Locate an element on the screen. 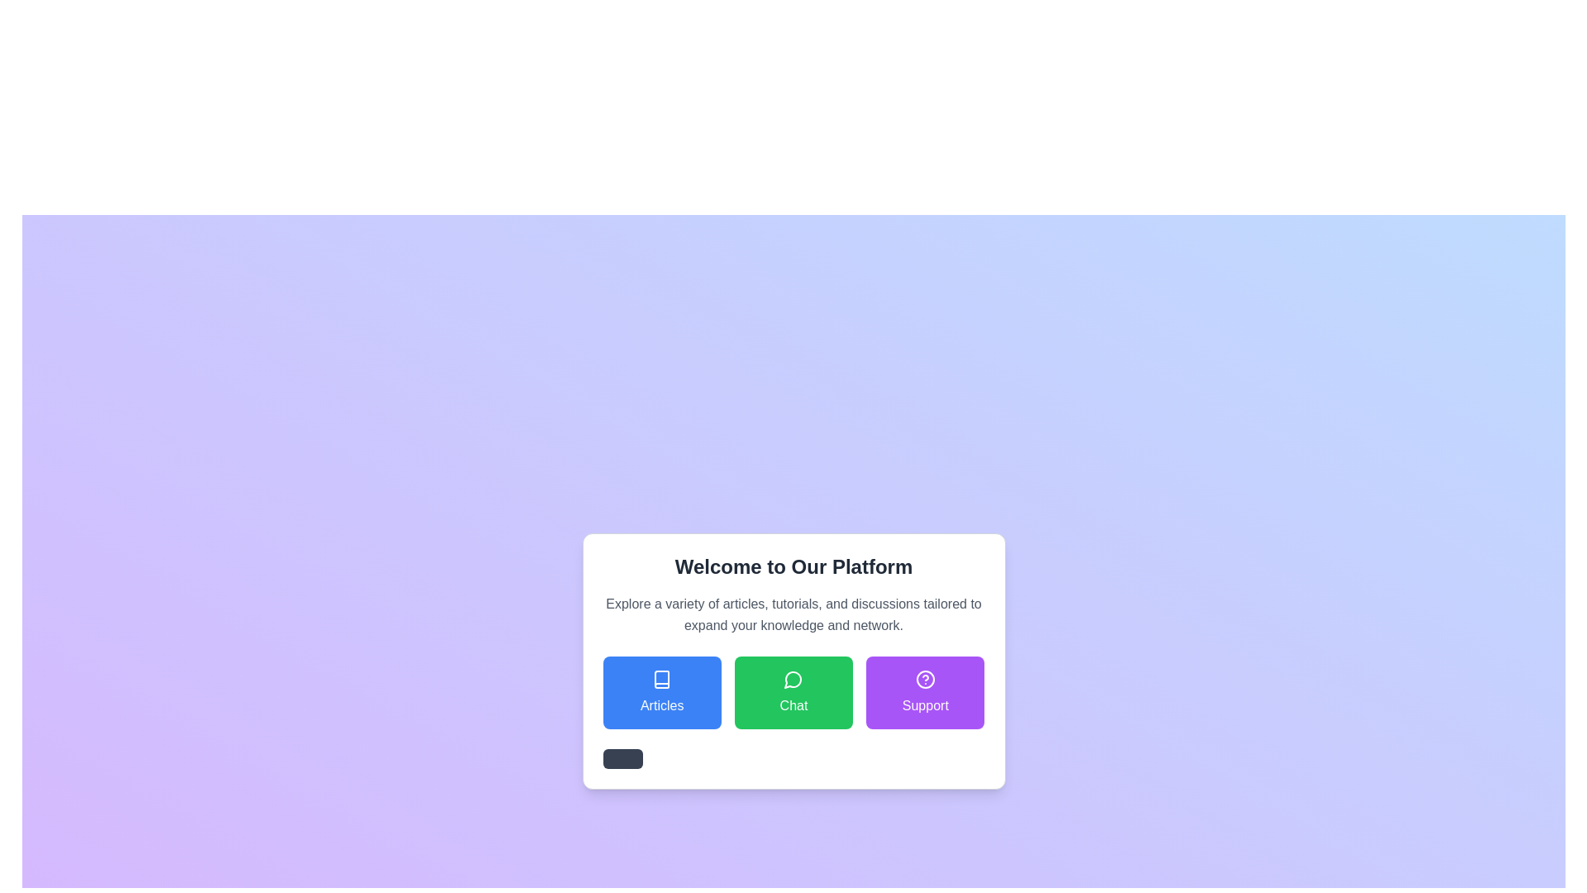  the 'Articles' icon, which is the first option in the first column beneath the text header is located at coordinates (662, 679).